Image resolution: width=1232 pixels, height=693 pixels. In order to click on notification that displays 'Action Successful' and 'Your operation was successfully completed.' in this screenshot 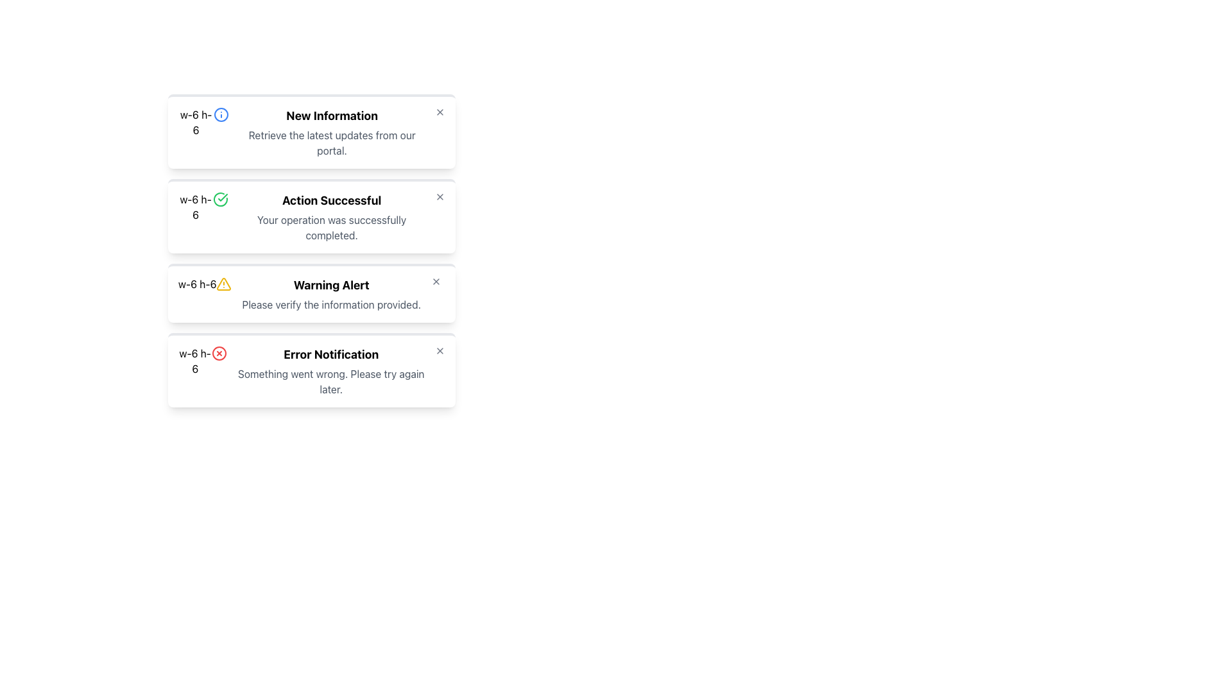, I will do `click(332, 217)`.